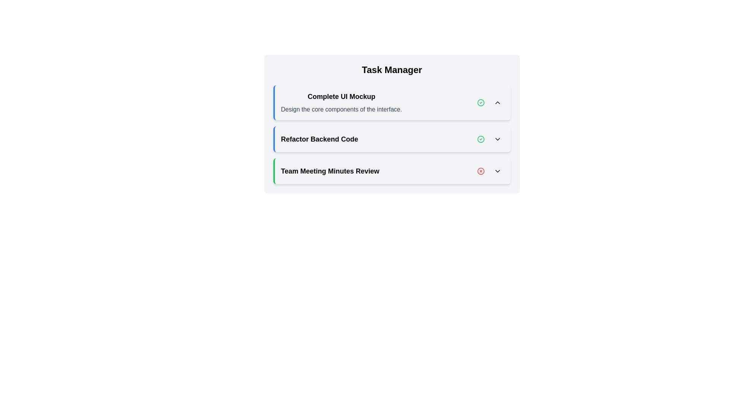 This screenshot has width=730, height=411. Describe the element at coordinates (341, 103) in the screenshot. I see `the Informational Text Block titled 'Complete UI Mockup' to read its content, which includes a description in smaller gray text` at that location.